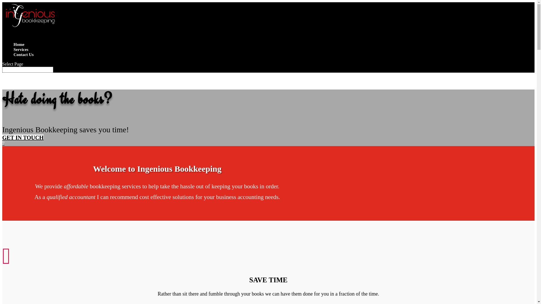  I want to click on 'Services', so click(21, 53).